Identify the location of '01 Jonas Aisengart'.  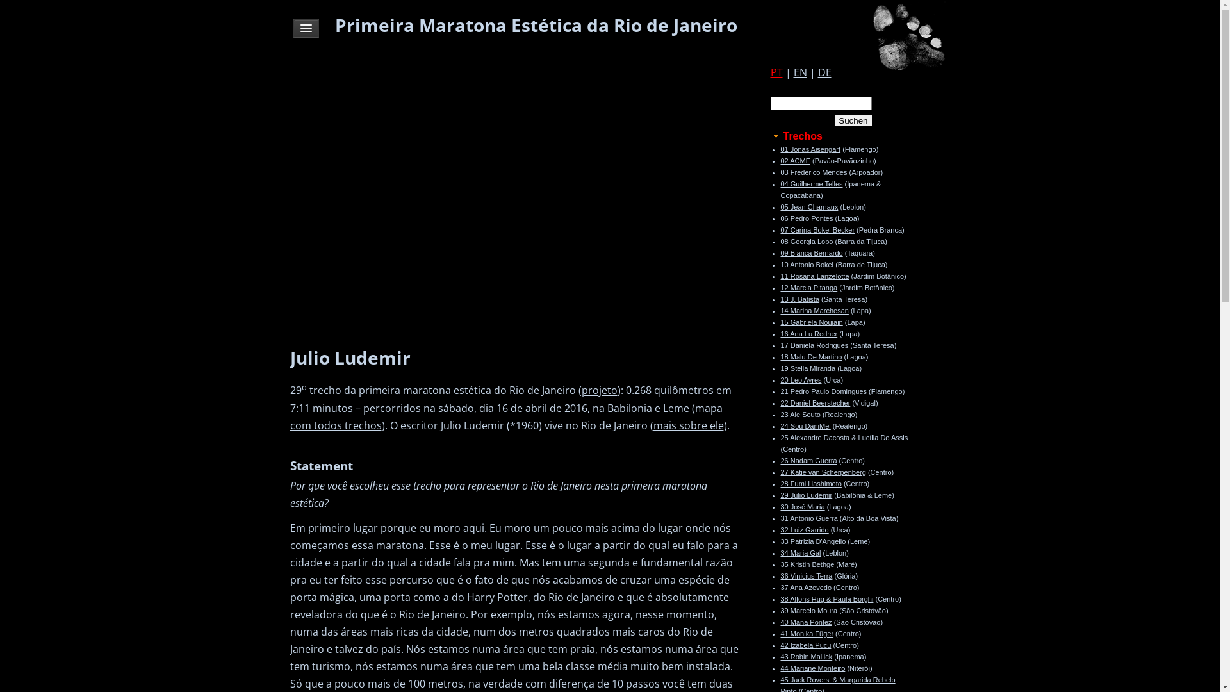
(810, 148).